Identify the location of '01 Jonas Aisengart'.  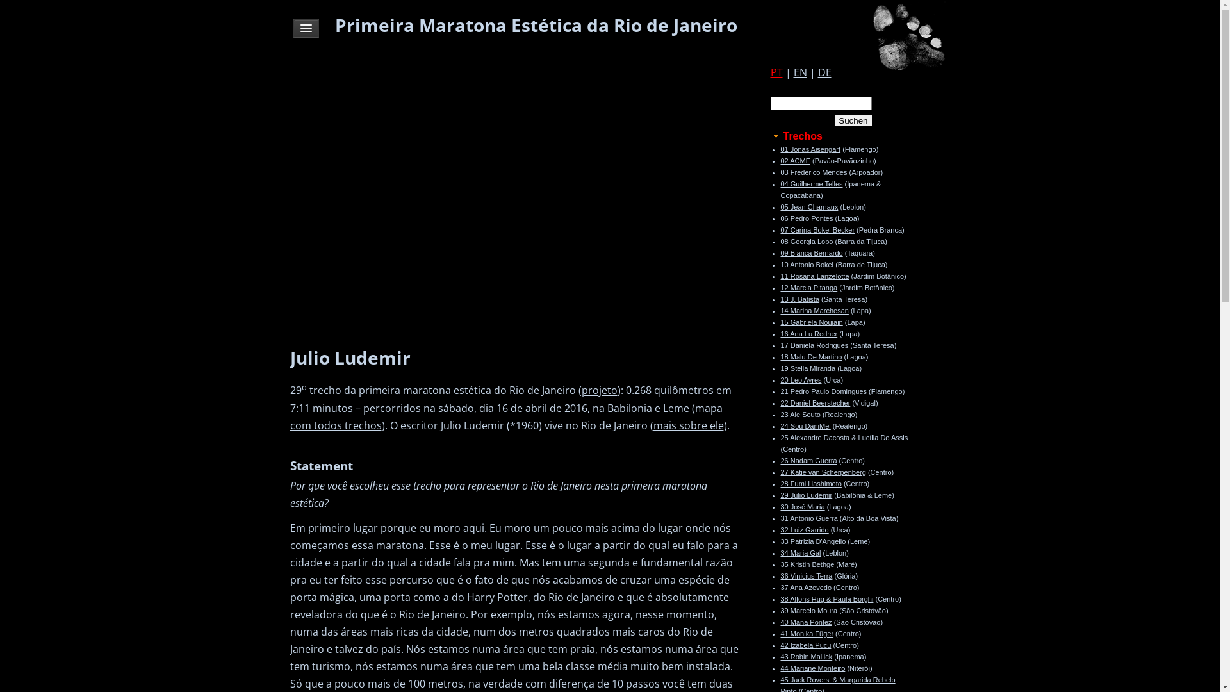
(810, 148).